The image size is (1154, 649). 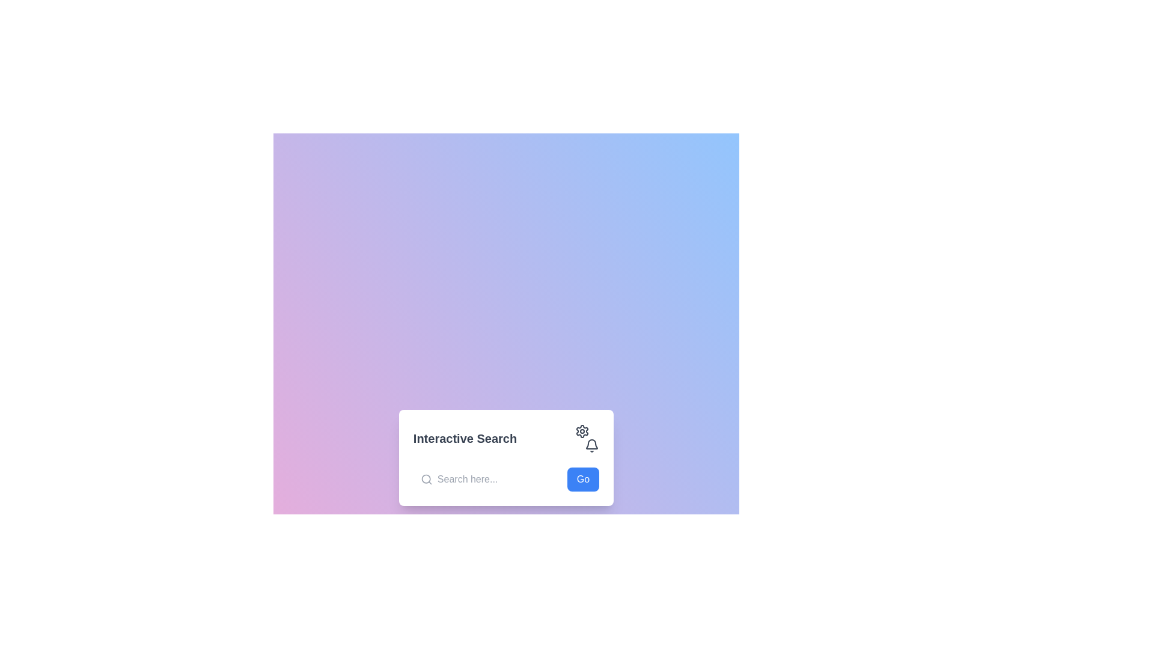 I want to click on the search icon located at the leftmost side of the text input field within the search bar component, so click(x=426, y=479).